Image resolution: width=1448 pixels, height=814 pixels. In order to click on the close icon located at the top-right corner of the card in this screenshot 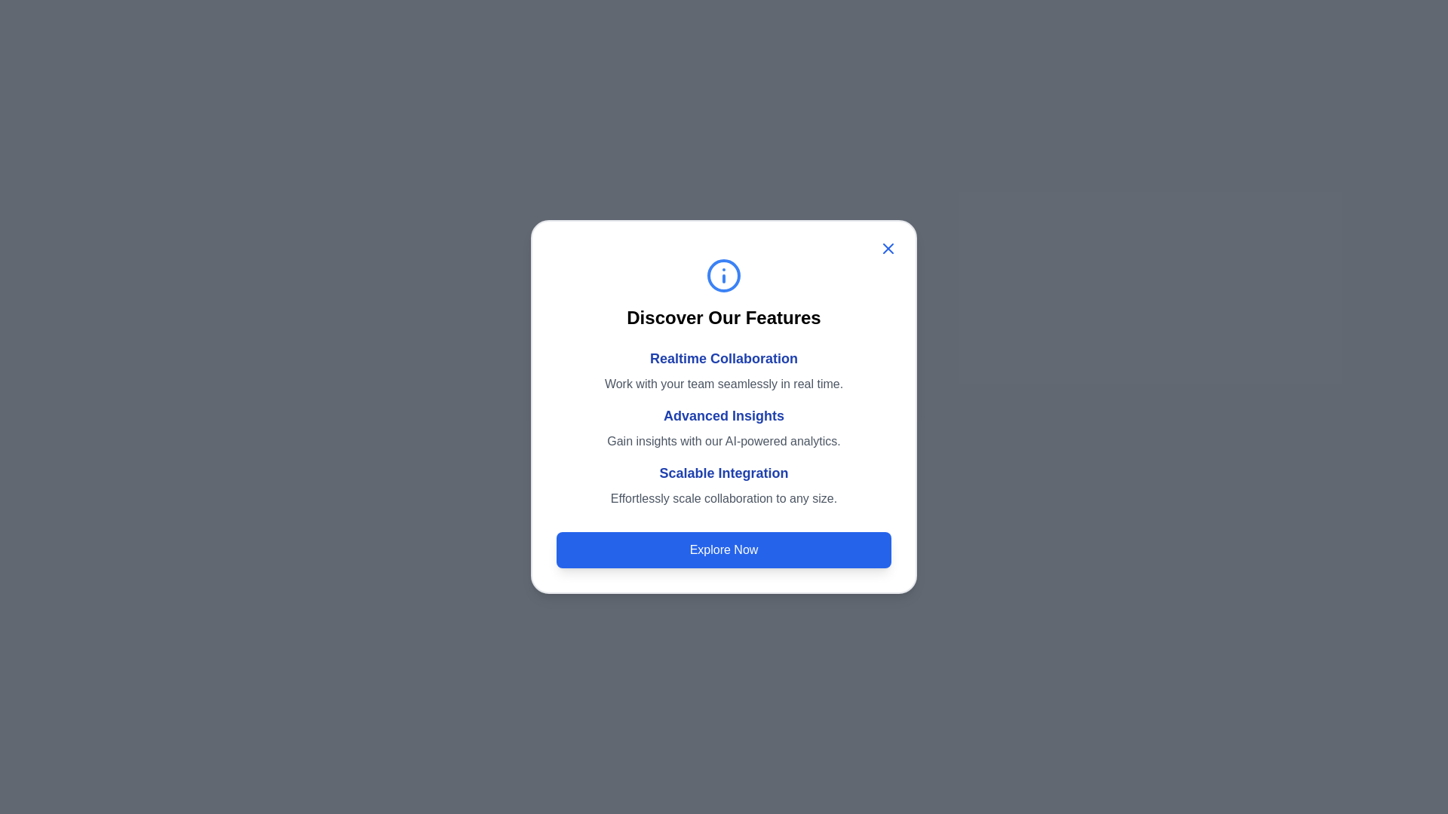, I will do `click(888, 248)`.